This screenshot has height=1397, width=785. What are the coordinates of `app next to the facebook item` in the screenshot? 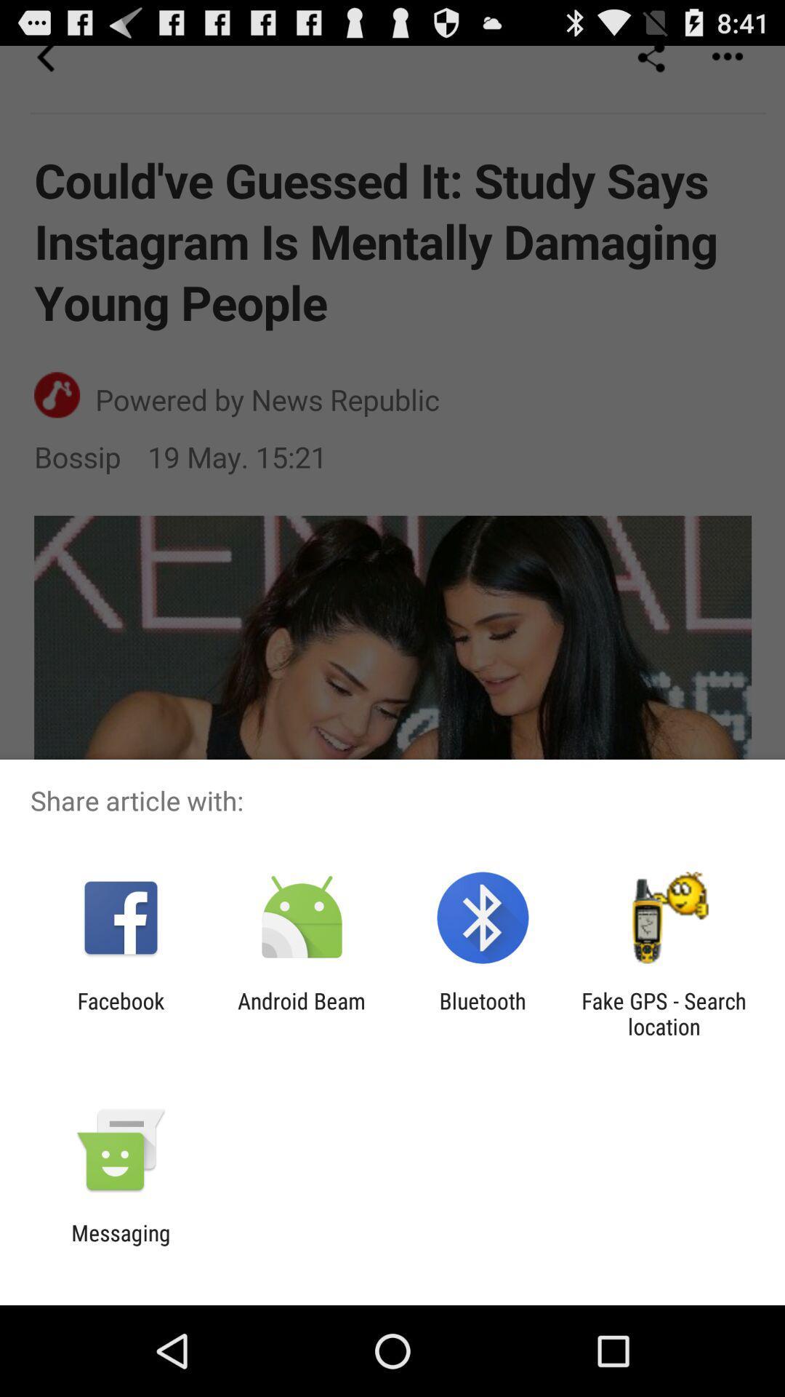 It's located at (301, 1013).